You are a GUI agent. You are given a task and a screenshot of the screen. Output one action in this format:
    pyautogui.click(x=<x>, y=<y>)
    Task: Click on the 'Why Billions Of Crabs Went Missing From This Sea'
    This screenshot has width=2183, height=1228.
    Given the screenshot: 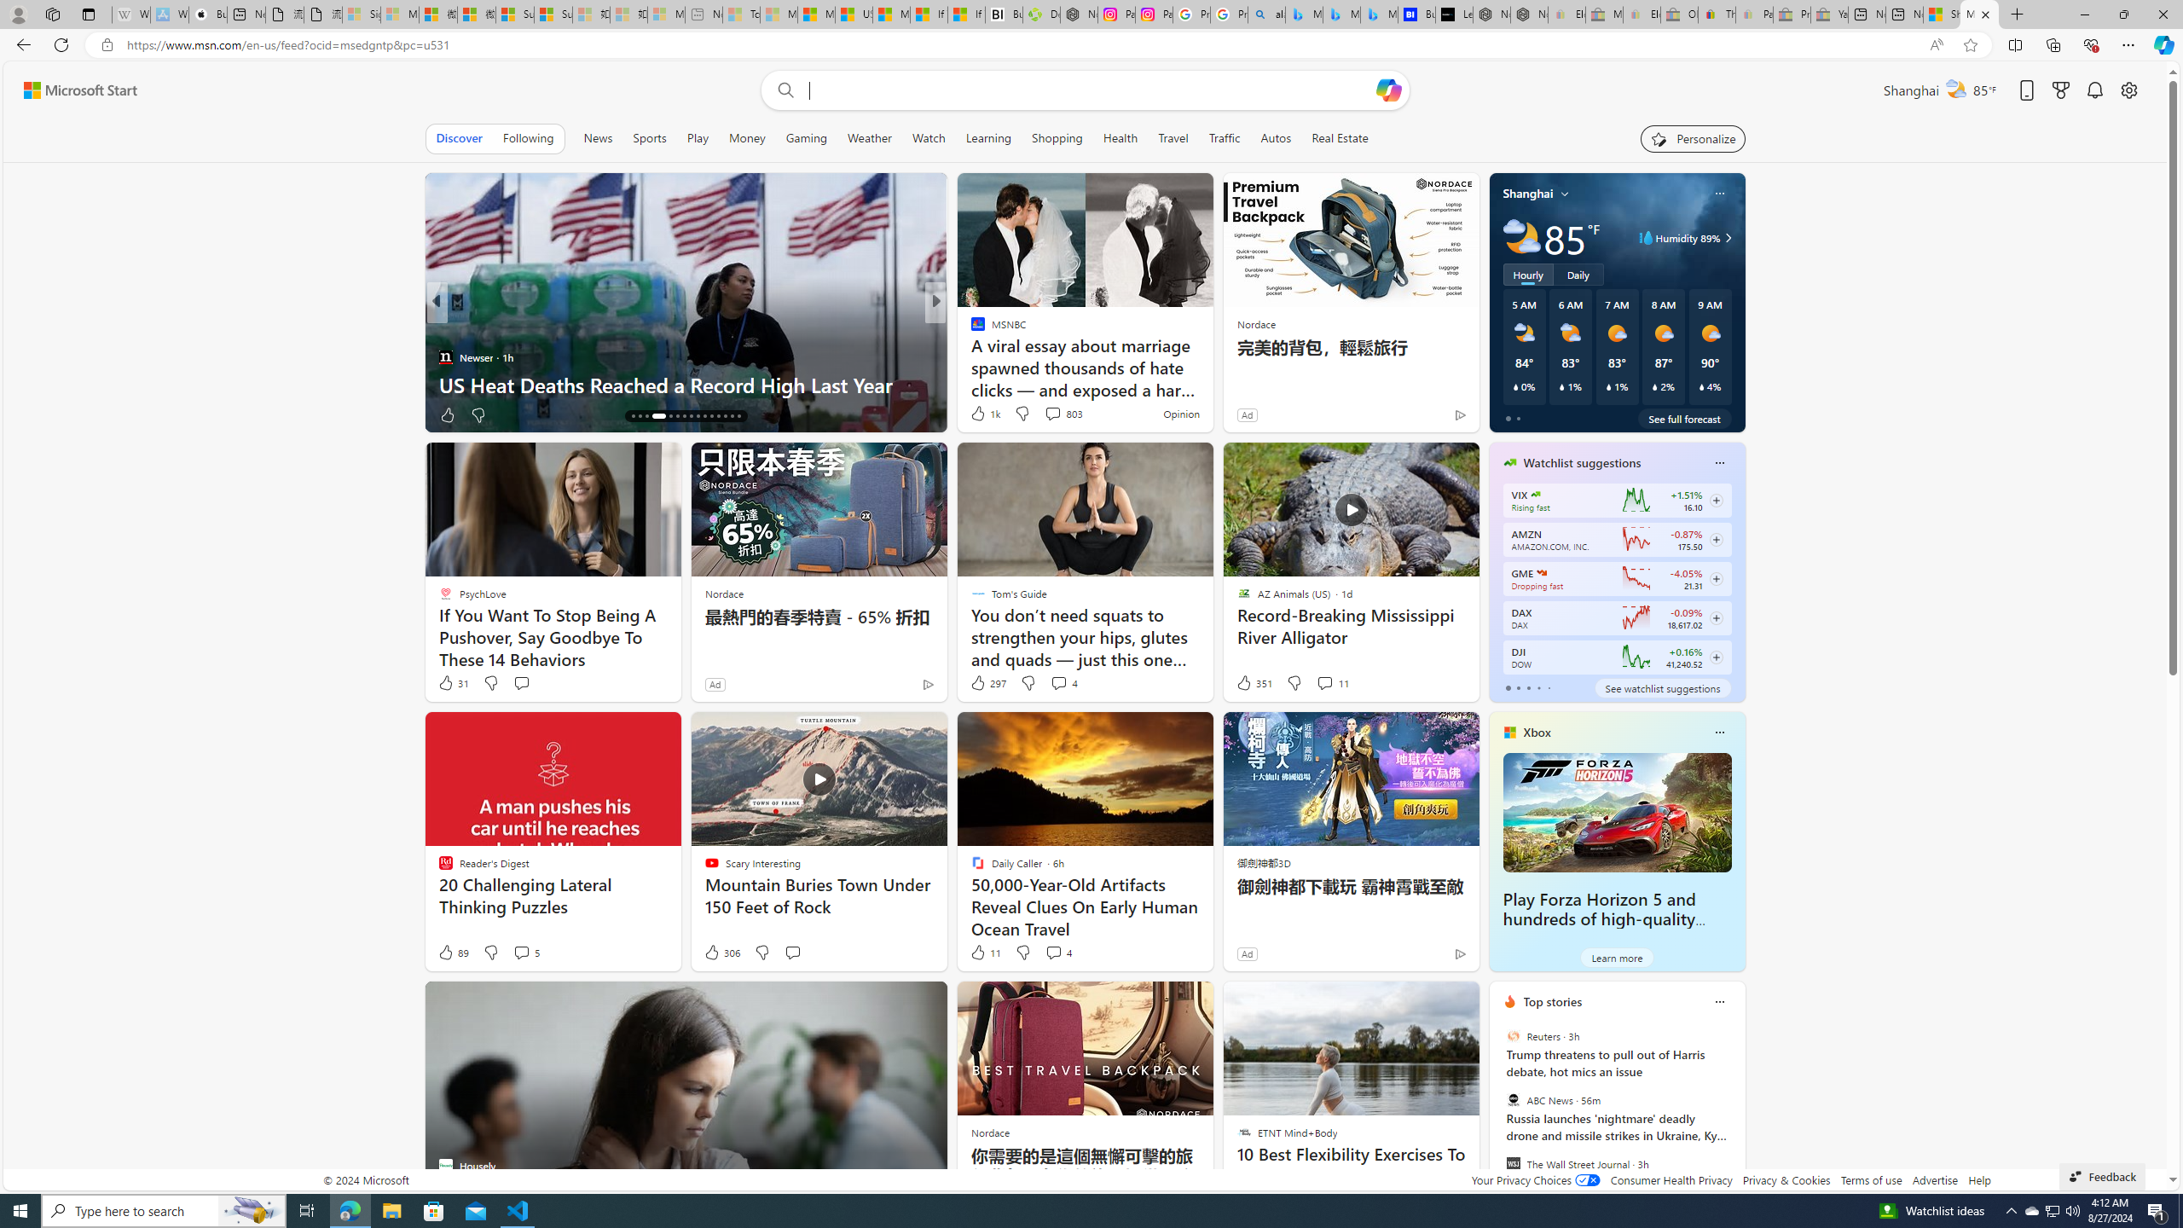 What is the action you would take?
    pyautogui.click(x=1209, y=383)
    